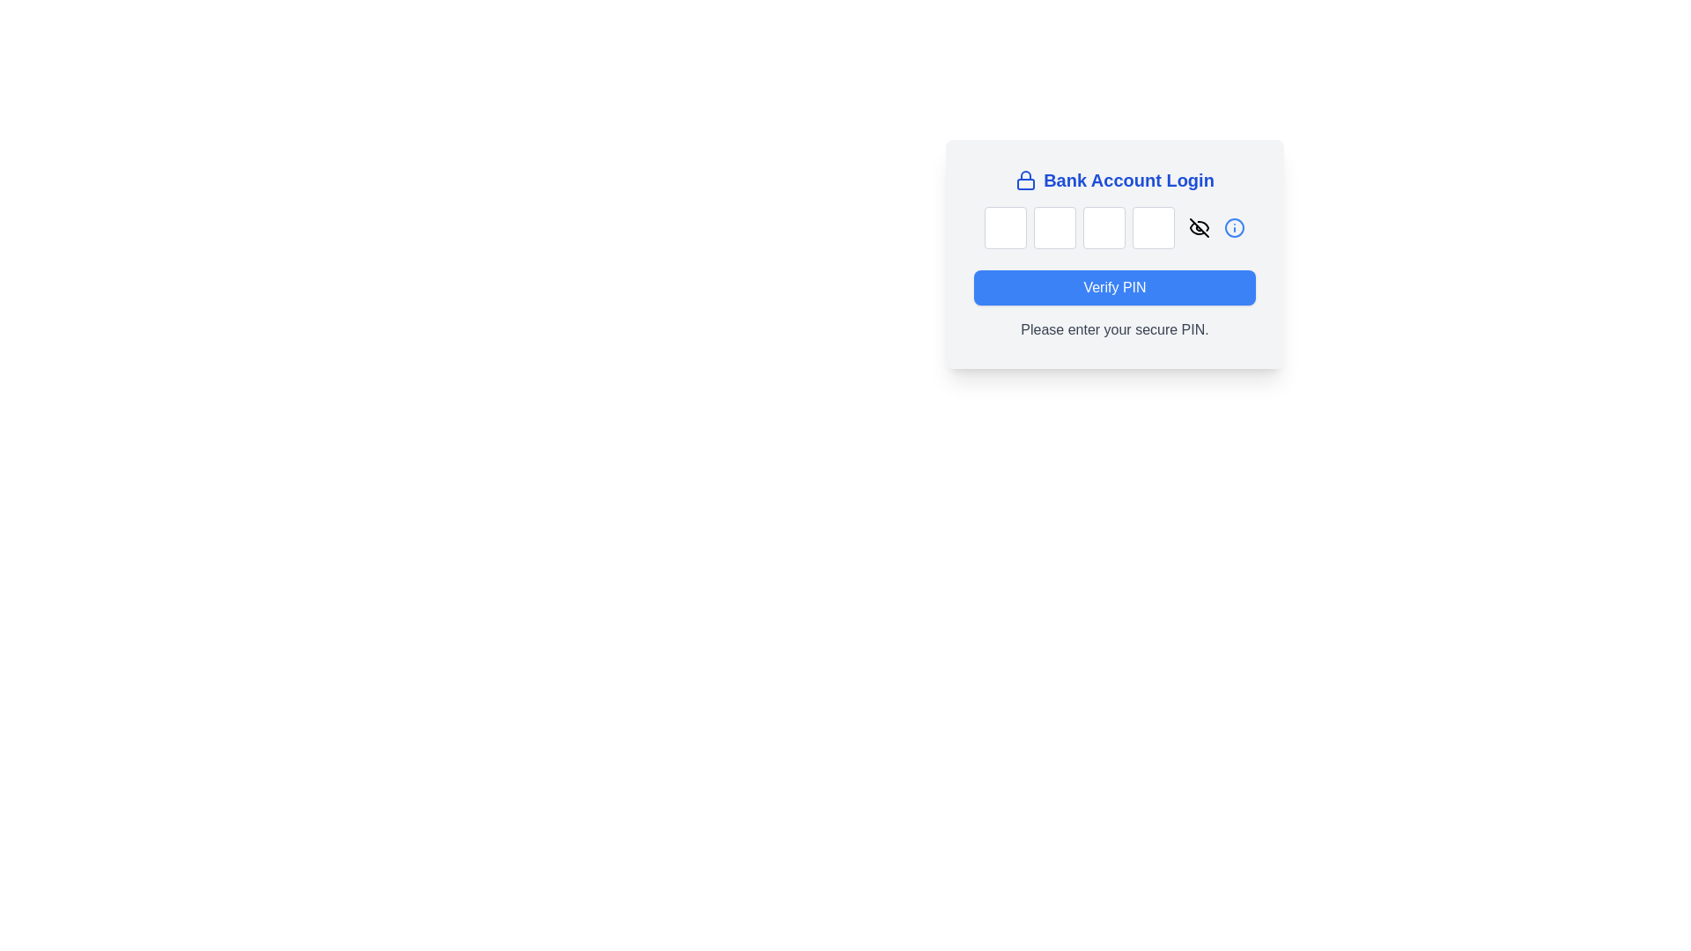 The height and width of the screenshot is (951, 1691). Describe the element at coordinates (1114, 329) in the screenshot. I see `the Text Label that provides guidance for entering a secure PIN, located beneath the blue 'Verify PIN' button` at that location.